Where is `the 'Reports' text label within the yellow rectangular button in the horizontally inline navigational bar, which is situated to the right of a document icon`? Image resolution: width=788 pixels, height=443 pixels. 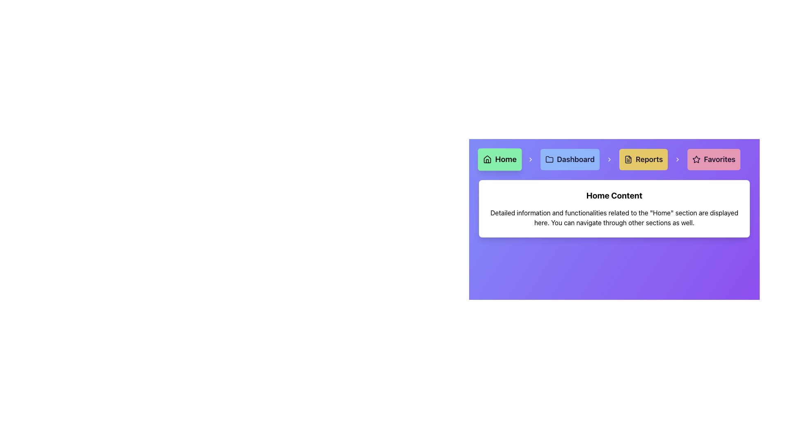
the 'Reports' text label within the yellow rectangular button in the horizontally inline navigational bar, which is situated to the right of a document icon is located at coordinates (649, 160).